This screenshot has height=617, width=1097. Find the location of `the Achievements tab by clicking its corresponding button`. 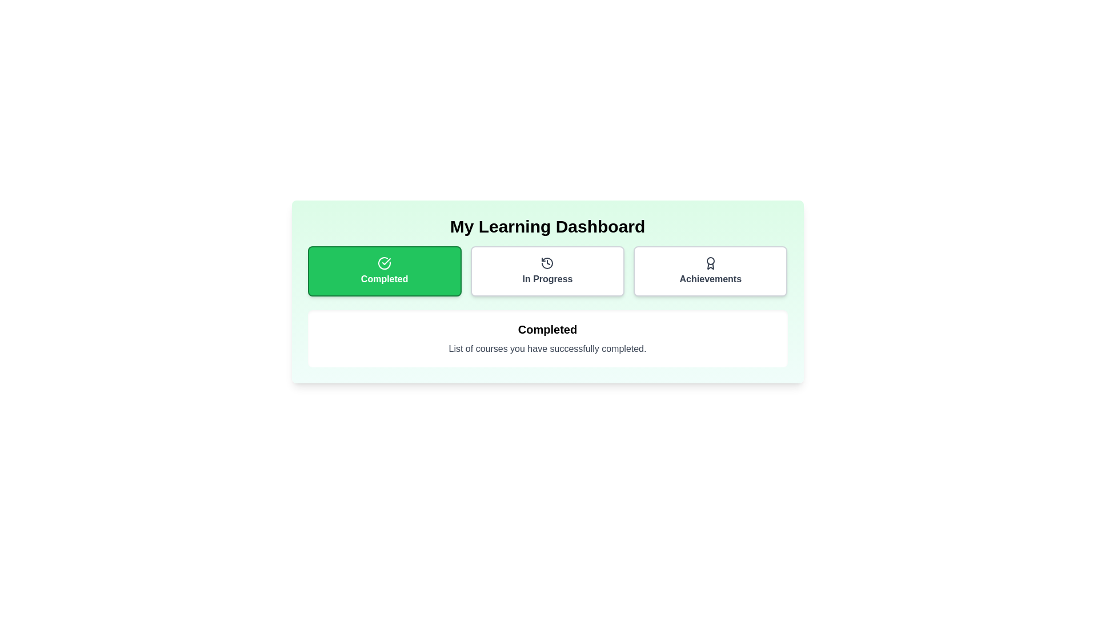

the Achievements tab by clicking its corresponding button is located at coordinates (710, 271).